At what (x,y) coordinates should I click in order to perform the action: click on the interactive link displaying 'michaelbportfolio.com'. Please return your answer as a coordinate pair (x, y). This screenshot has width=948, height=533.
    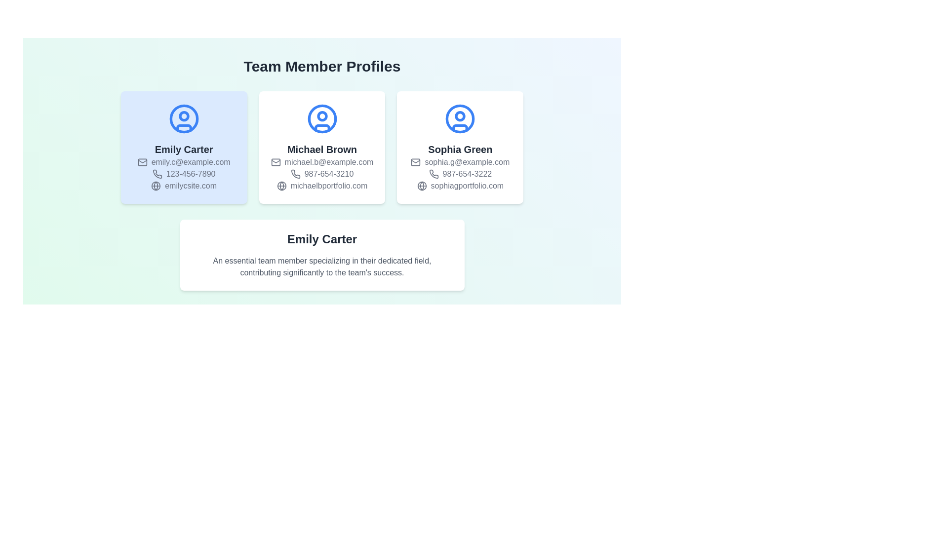
    Looking at the image, I should click on (322, 186).